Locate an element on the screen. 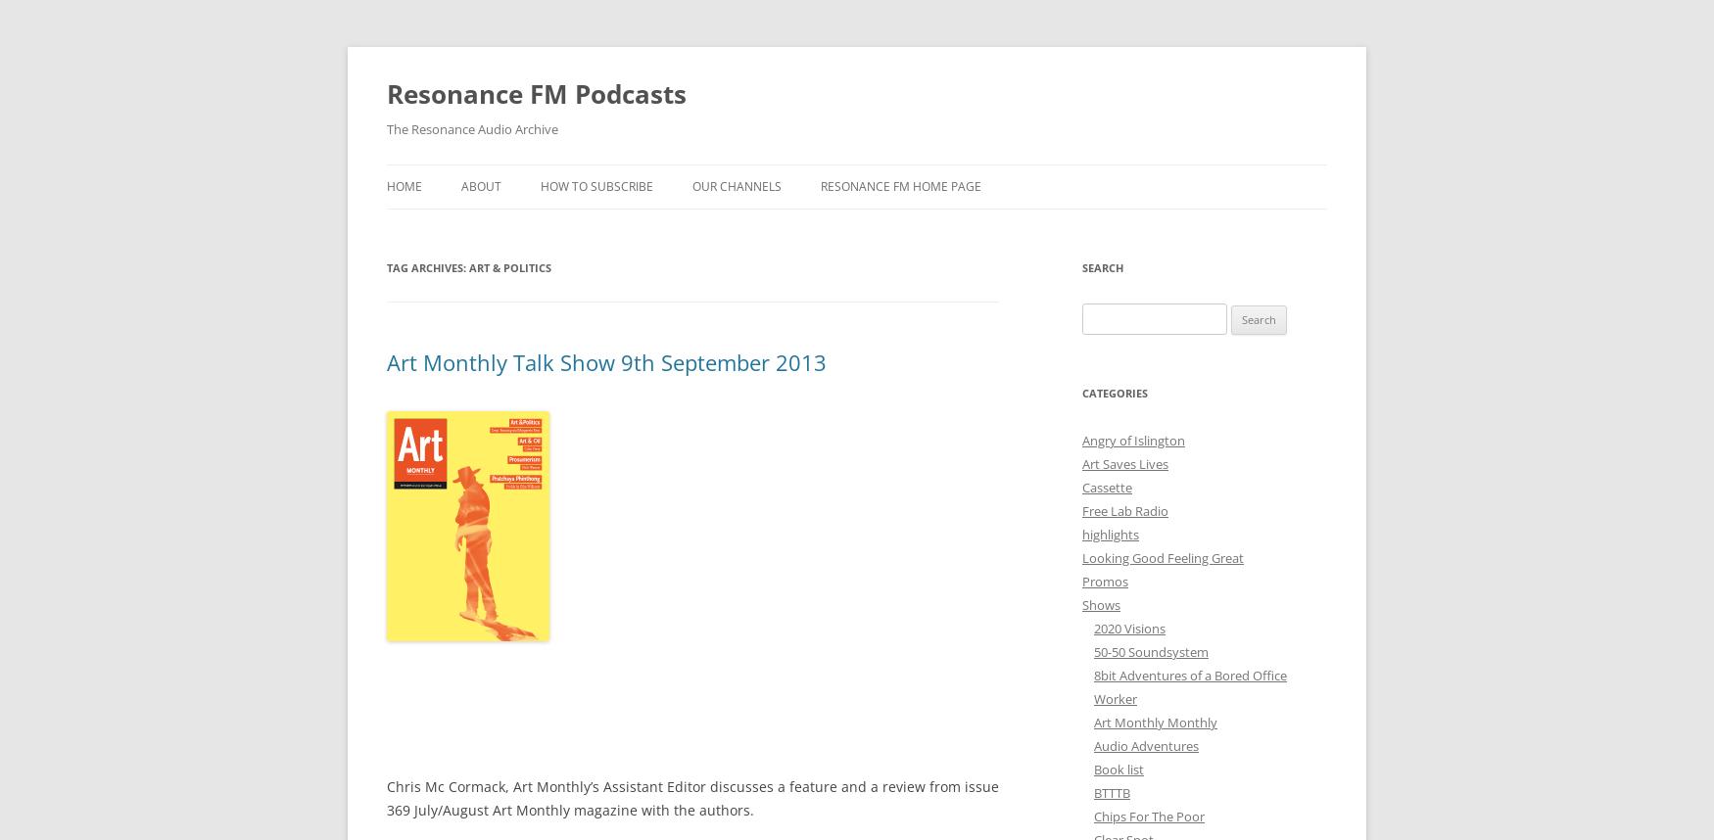  'Tag Archives:' is located at coordinates (385, 267).